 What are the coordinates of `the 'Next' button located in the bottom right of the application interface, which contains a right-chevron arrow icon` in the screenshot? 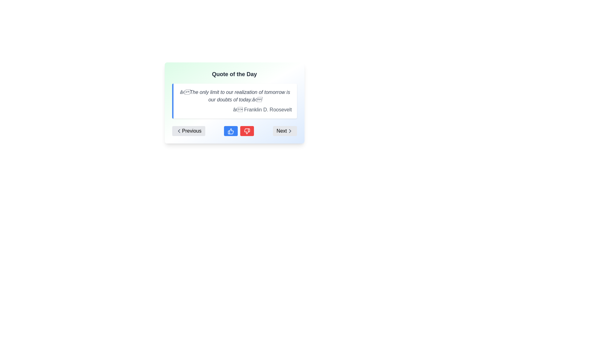 It's located at (290, 131).